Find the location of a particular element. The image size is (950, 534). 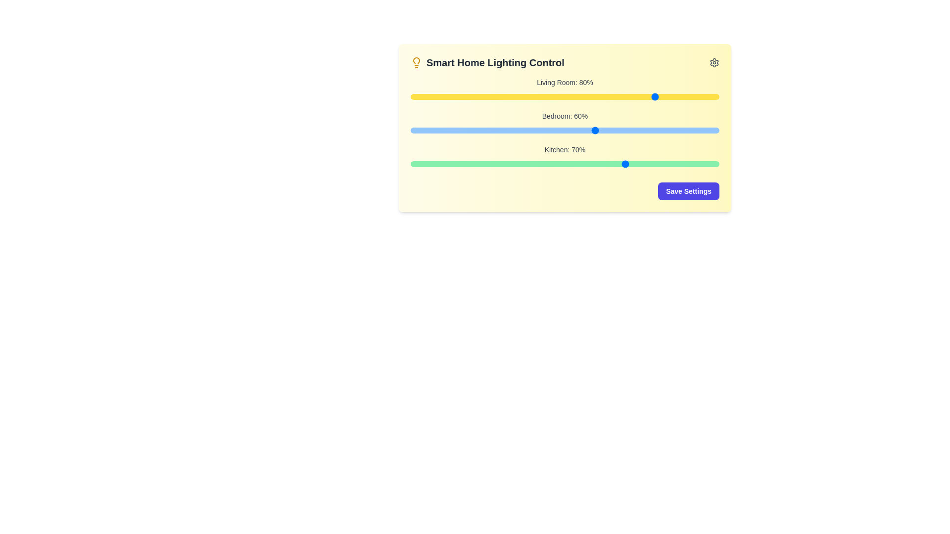

the yellow track of the slider labeled 'Living Room: 80%' to change the handle's position is located at coordinates (565, 97).